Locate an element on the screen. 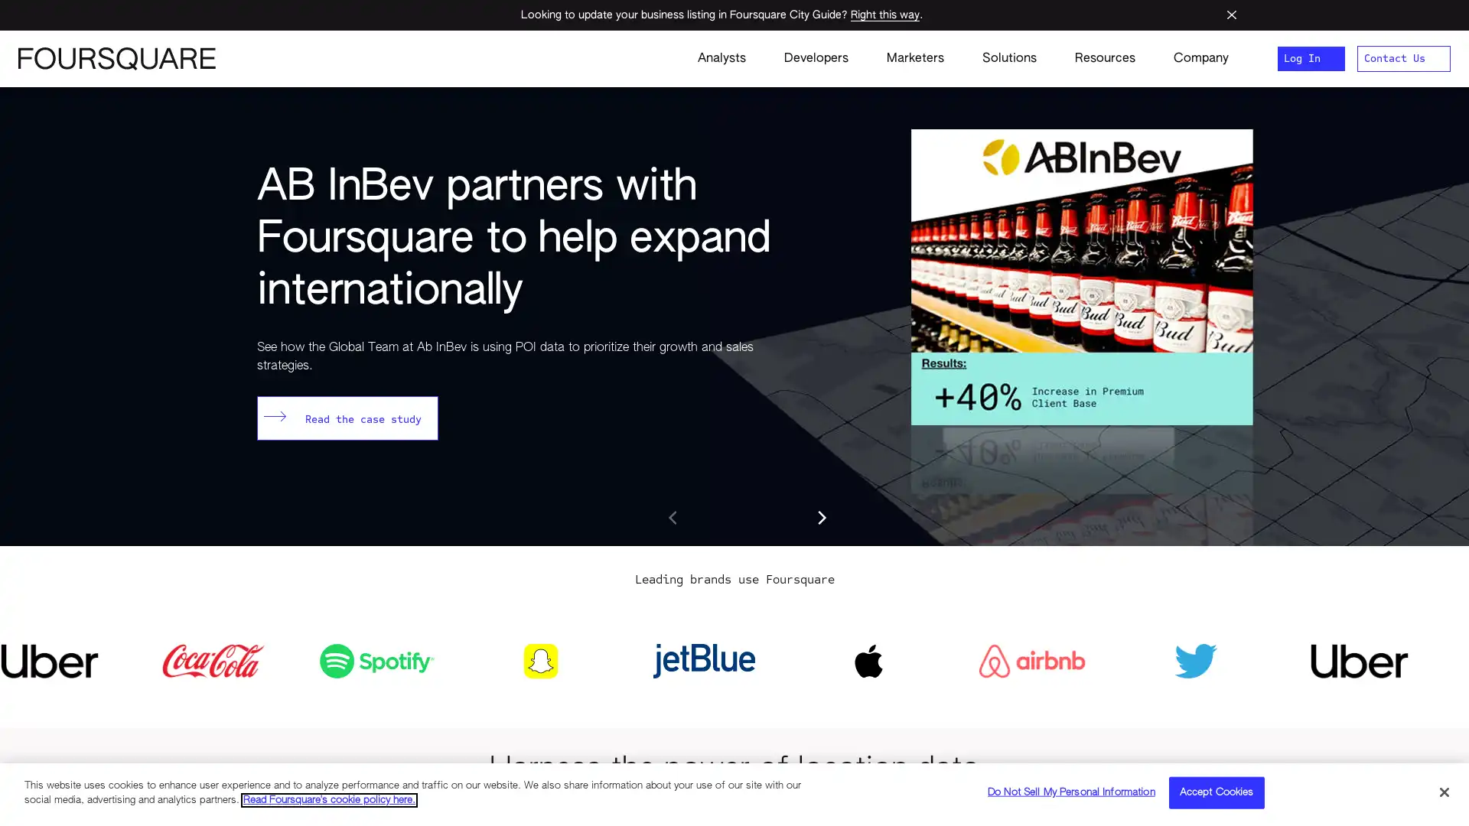  Next is located at coordinates (820, 517).